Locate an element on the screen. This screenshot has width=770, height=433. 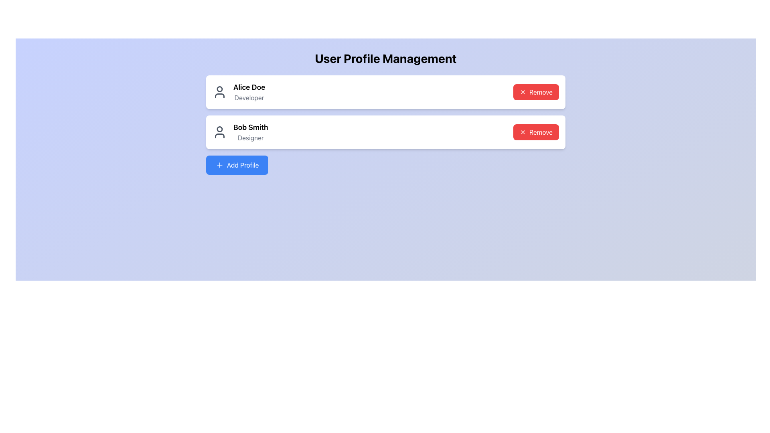
the text label displaying the individual's name in the second user profile card, located above the 'Designer' text and next to the user icon is located at coordinates (250, 127).